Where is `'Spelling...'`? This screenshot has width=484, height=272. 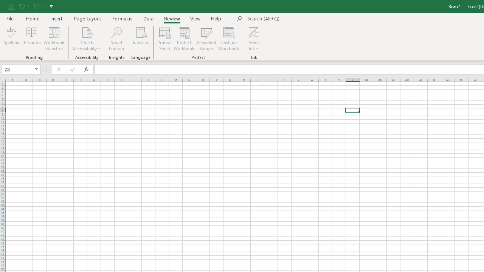
'Spelling...' is located at coordinates (12, 39).